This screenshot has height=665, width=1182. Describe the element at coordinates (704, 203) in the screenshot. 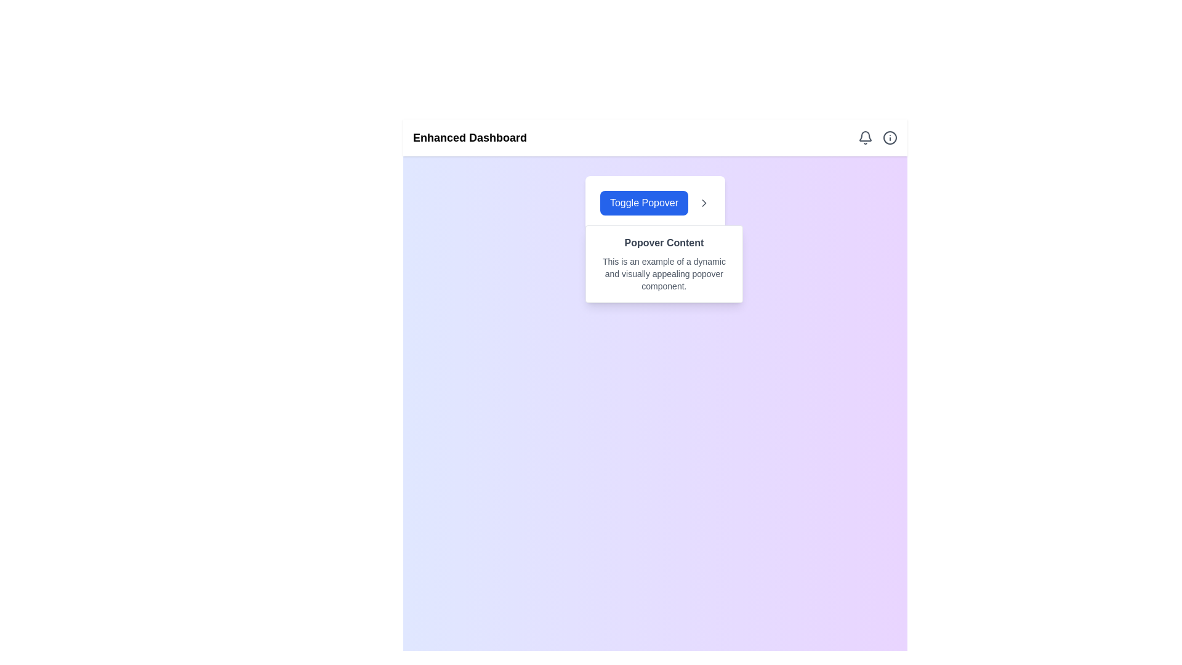

I see `the chevron icon located to the immediate right of the 'Toggle Popover' button, indicating further navigation or expansion` at that location.